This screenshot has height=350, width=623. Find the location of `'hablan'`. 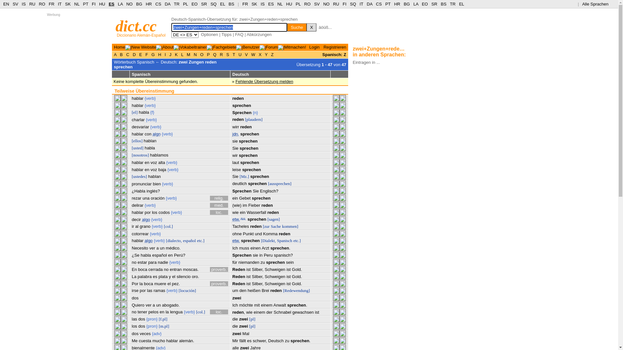

'hablan' is located at coordinates (154, 176).